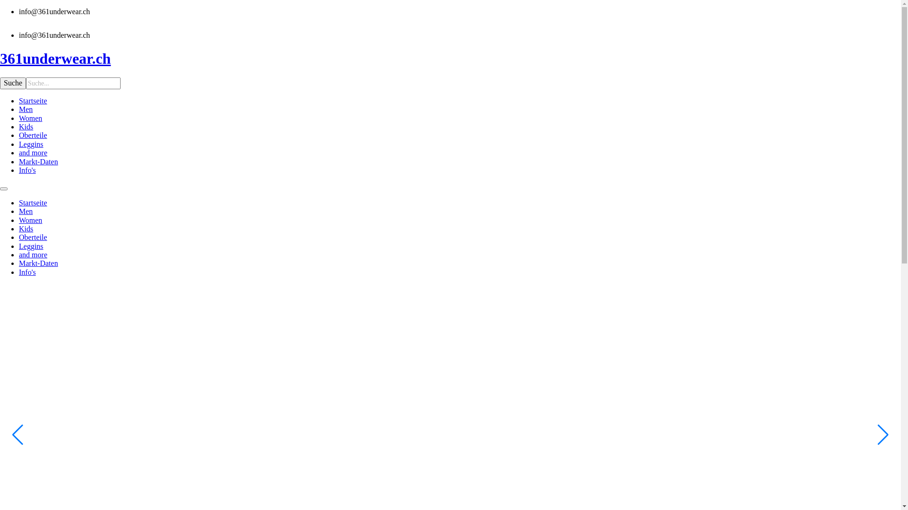 This screenshot has width=908, height=510. What do you see at coordinates (38, 263) in the screenshot?
I see `'Markt-Daten'` at bounding box center [38, 263].